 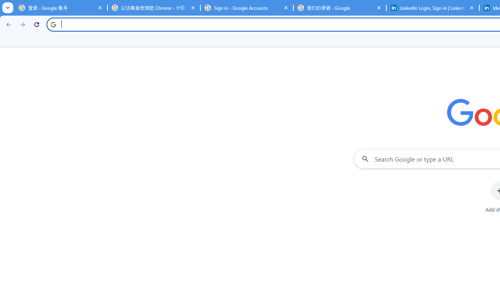 I want to click on 'Search tabs', so click(x=8, y=8).